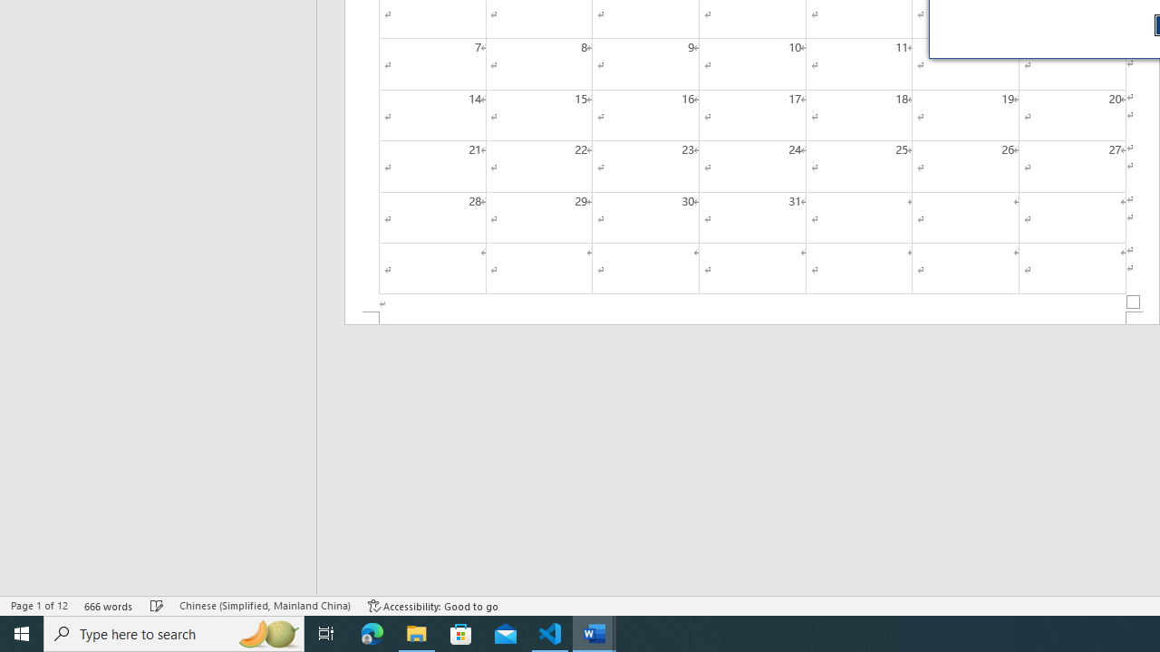  Describe the element at coordinates (266, 632) in the screenshot. I see `'Search highlights icon opens search home window'` at that location.